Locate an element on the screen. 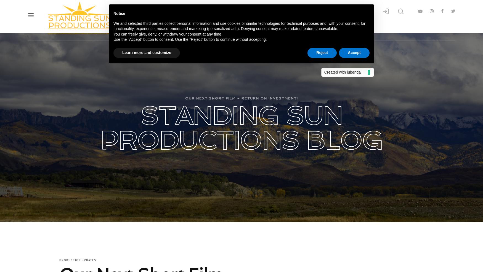  'Accept' is located at coordinates (354, 52).